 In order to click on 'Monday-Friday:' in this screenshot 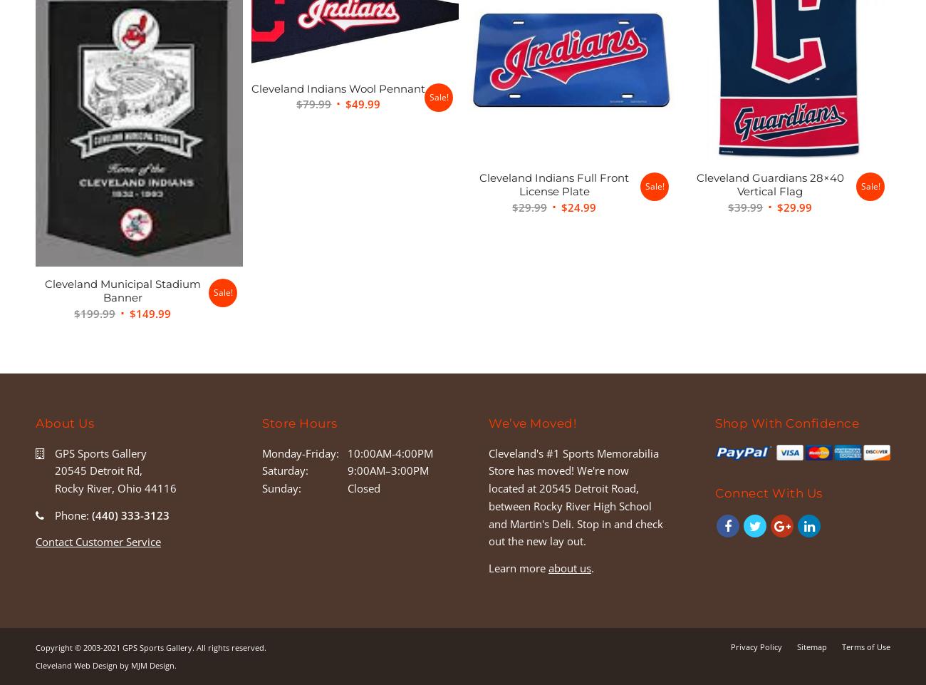, I will do `click(300, 453)`.